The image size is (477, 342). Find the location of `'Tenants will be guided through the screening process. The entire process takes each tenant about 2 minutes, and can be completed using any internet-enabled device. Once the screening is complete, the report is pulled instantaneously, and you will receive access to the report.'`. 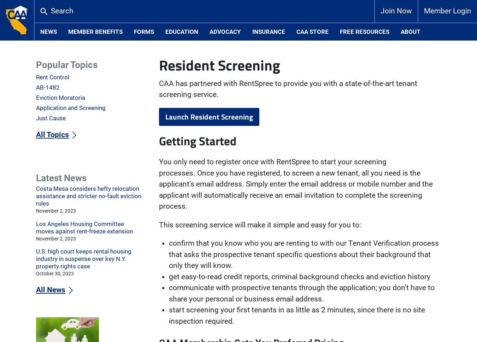

'Tenants will be guided through the screening process. The entire process takes each tenant about 2 minutes, and can be completed using any internet-enabled device. Once the screening is complete, the report is pulled instantaneously, and you will receive access to the report.' is located at coordinates (299, 155).